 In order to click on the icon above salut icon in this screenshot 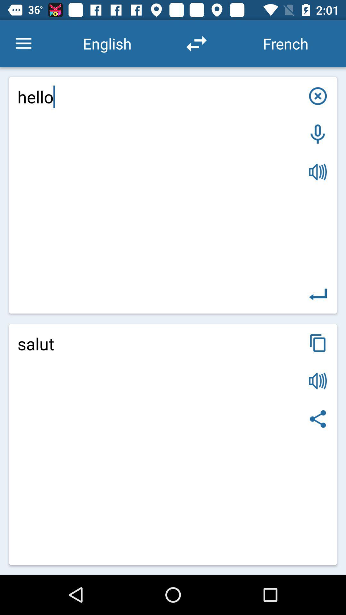, I will do `click(173, 195)`.